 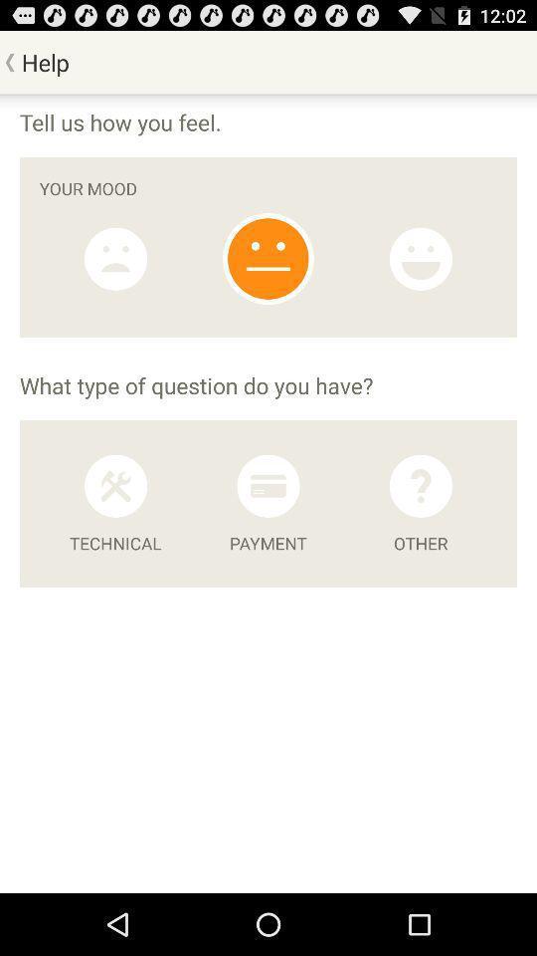 What do you see at coordinates (420, 485) in the screenshot?
I see `open other questions menu` at bounding box center [420, 485].